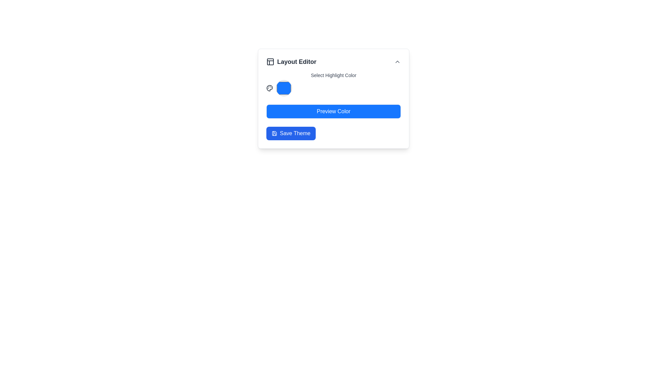  What do you see at coordinates (291, 133) in the screenshot?
I see `the rectangular 'Save Theme' button with rounded corners, featuring a blue background and white text` at bounding box center [291, 133].